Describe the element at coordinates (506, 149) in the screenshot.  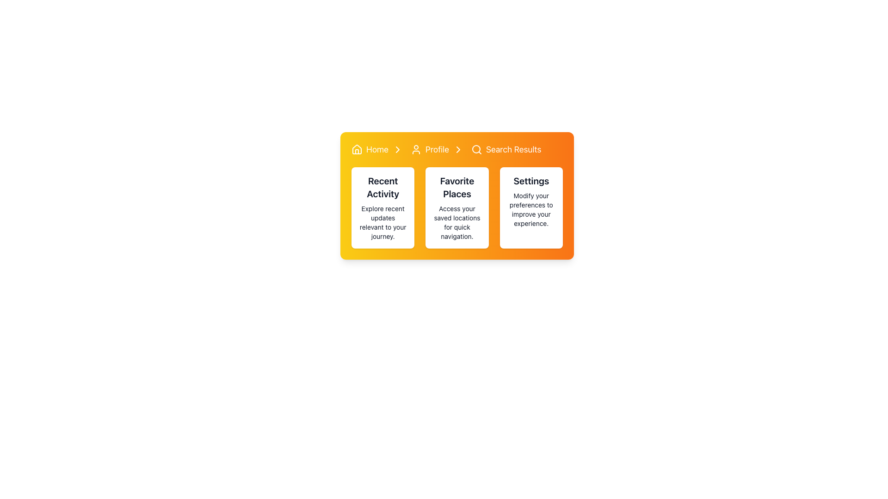
I see `the 'Search Results' navigational link` at that location.